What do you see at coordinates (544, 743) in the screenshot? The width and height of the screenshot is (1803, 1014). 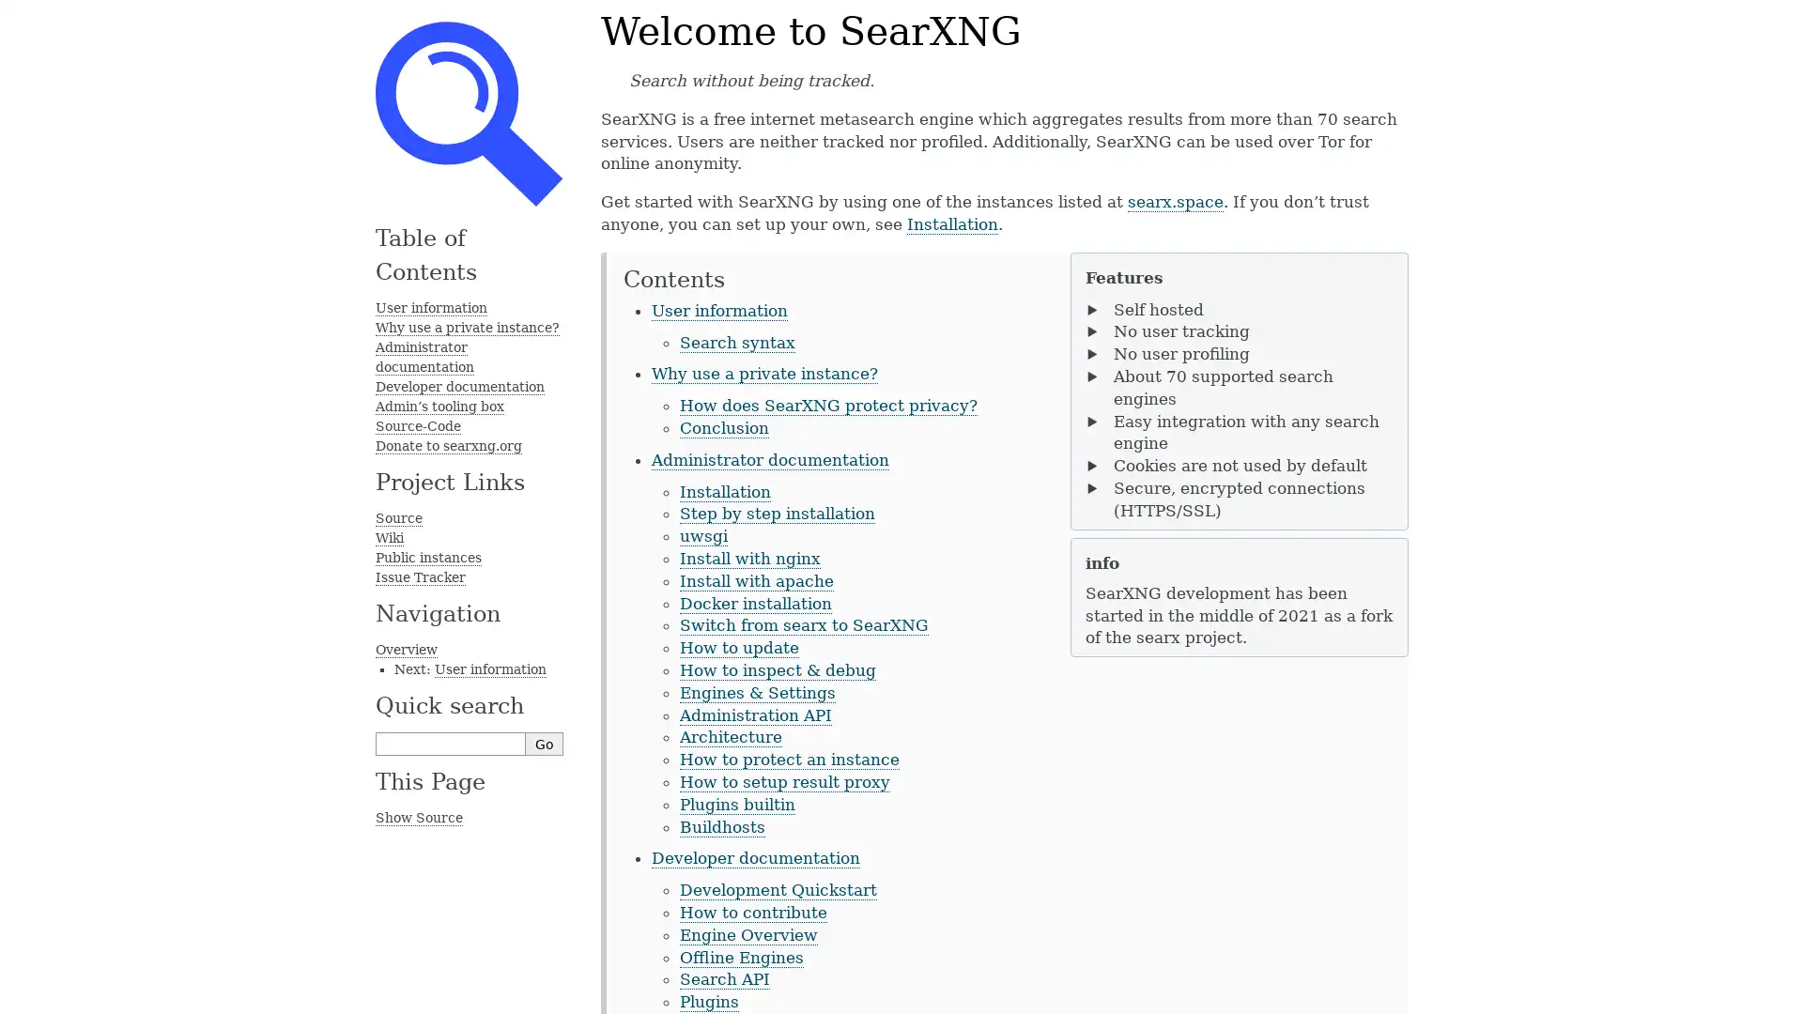 I see `Go` at bounding box center [544, 743].